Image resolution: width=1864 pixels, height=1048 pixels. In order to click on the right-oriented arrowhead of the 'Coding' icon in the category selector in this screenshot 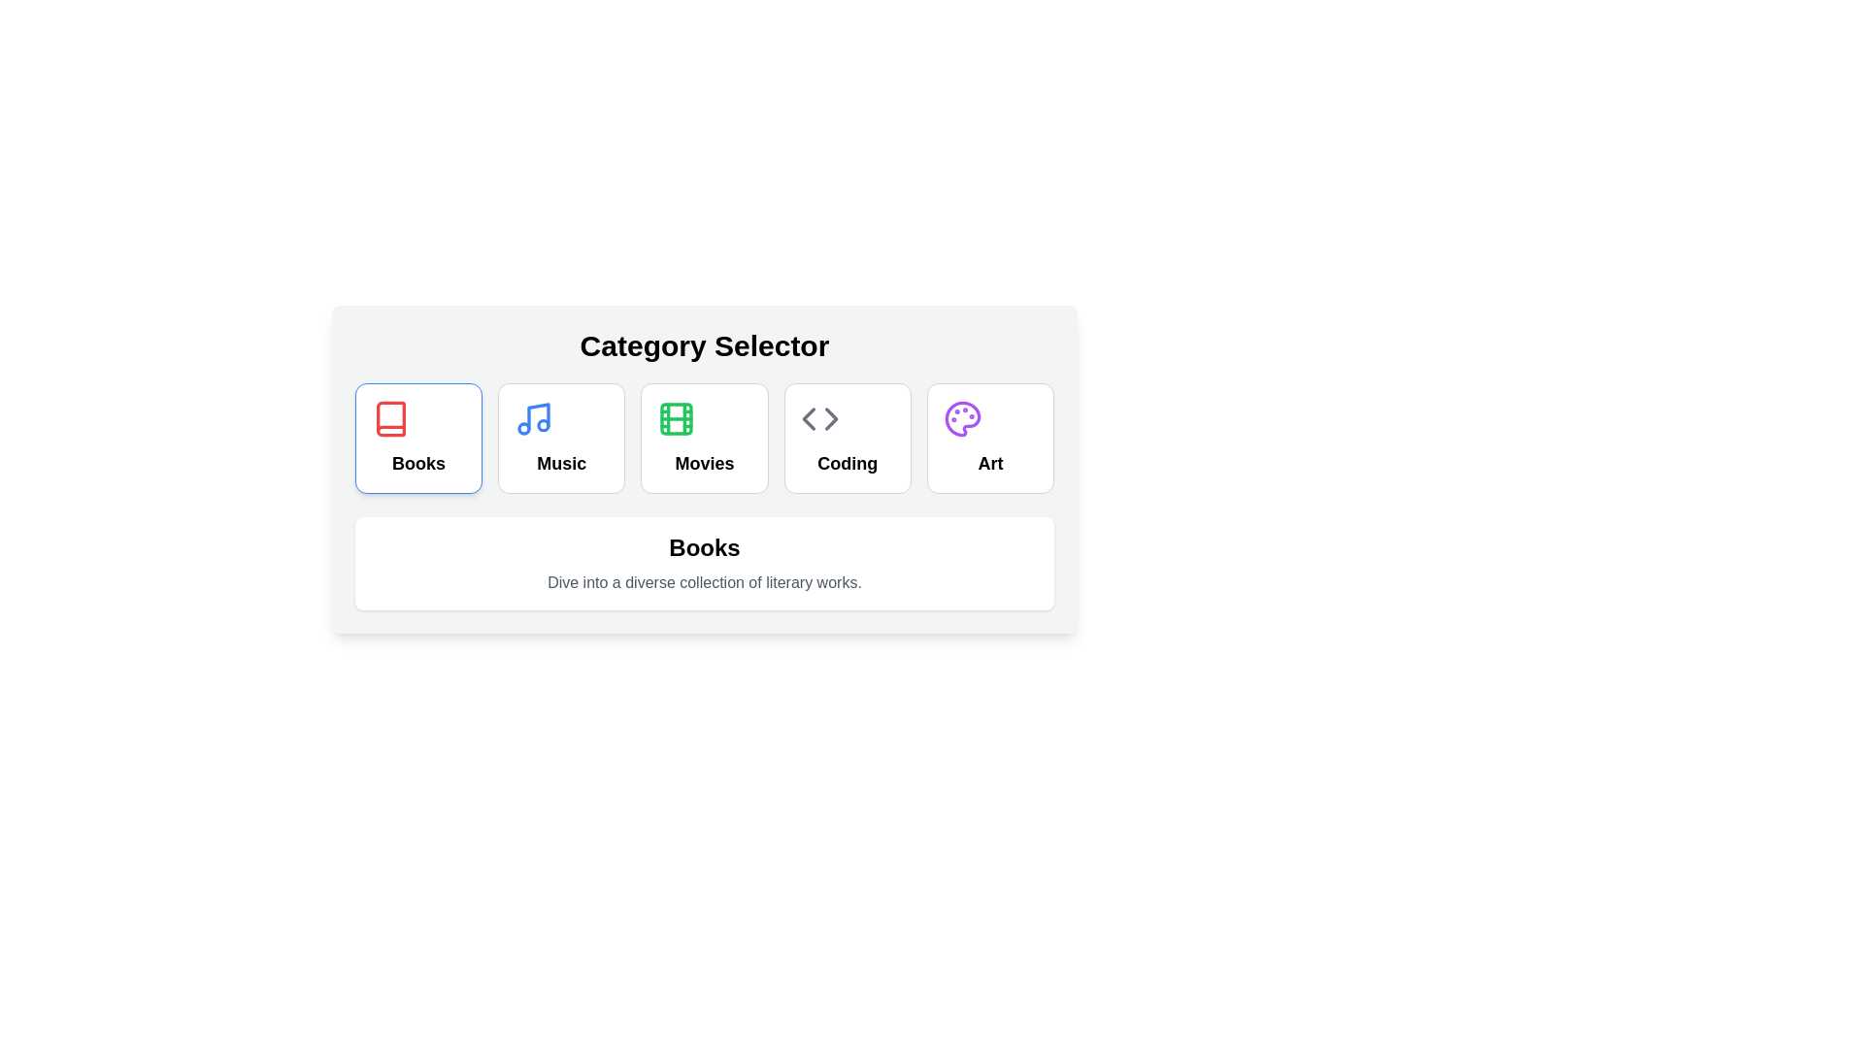, I will do `click(831, 418)`.